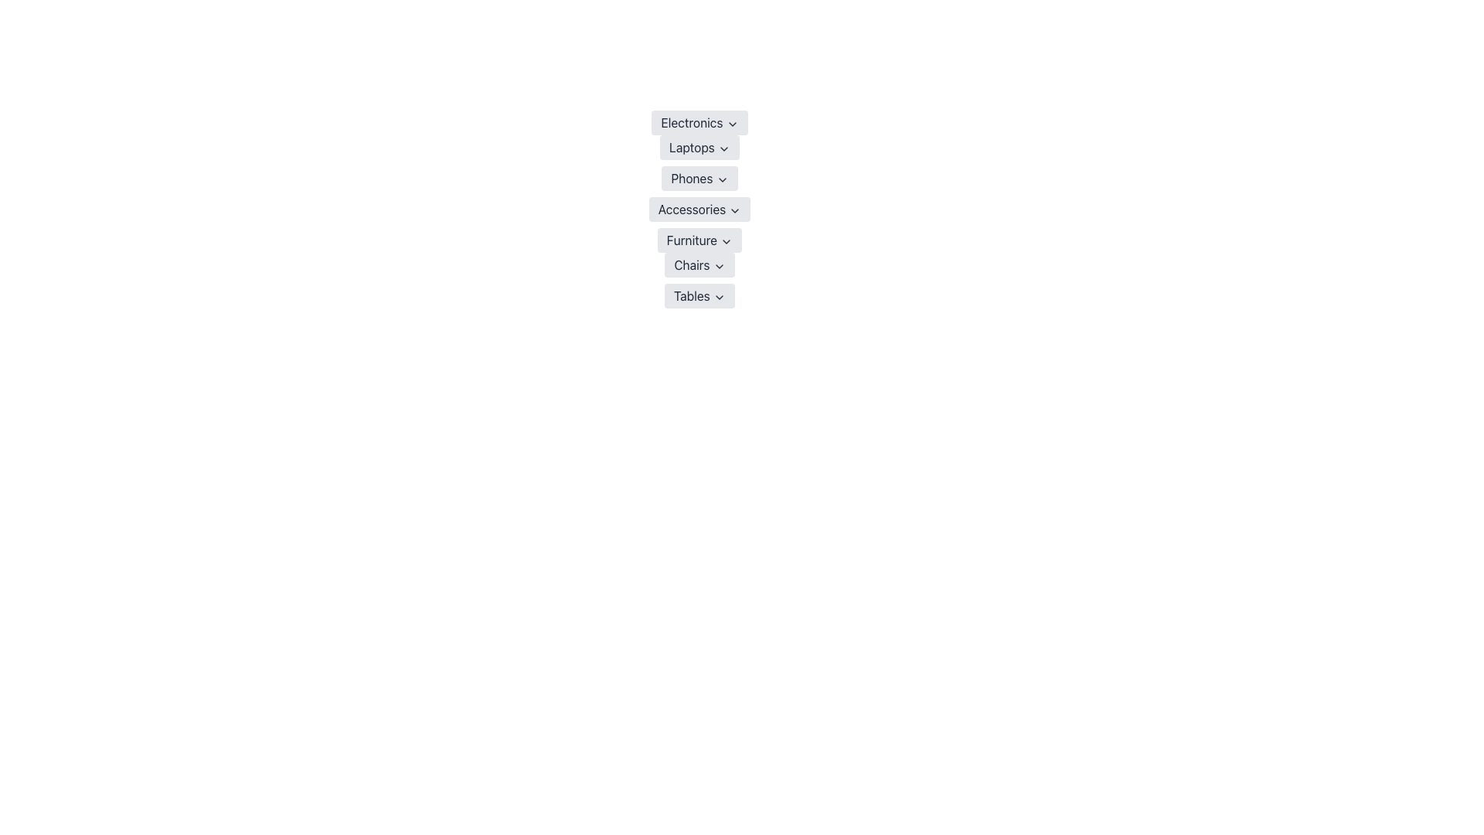 This screenshot has width=1484, height=835. What do you see at coordinates (699, 240) in the screenshot?
I see `the 'Furniture' dropdown button, which has a light gray background and darker gray text` at bounding box center [699, 240].